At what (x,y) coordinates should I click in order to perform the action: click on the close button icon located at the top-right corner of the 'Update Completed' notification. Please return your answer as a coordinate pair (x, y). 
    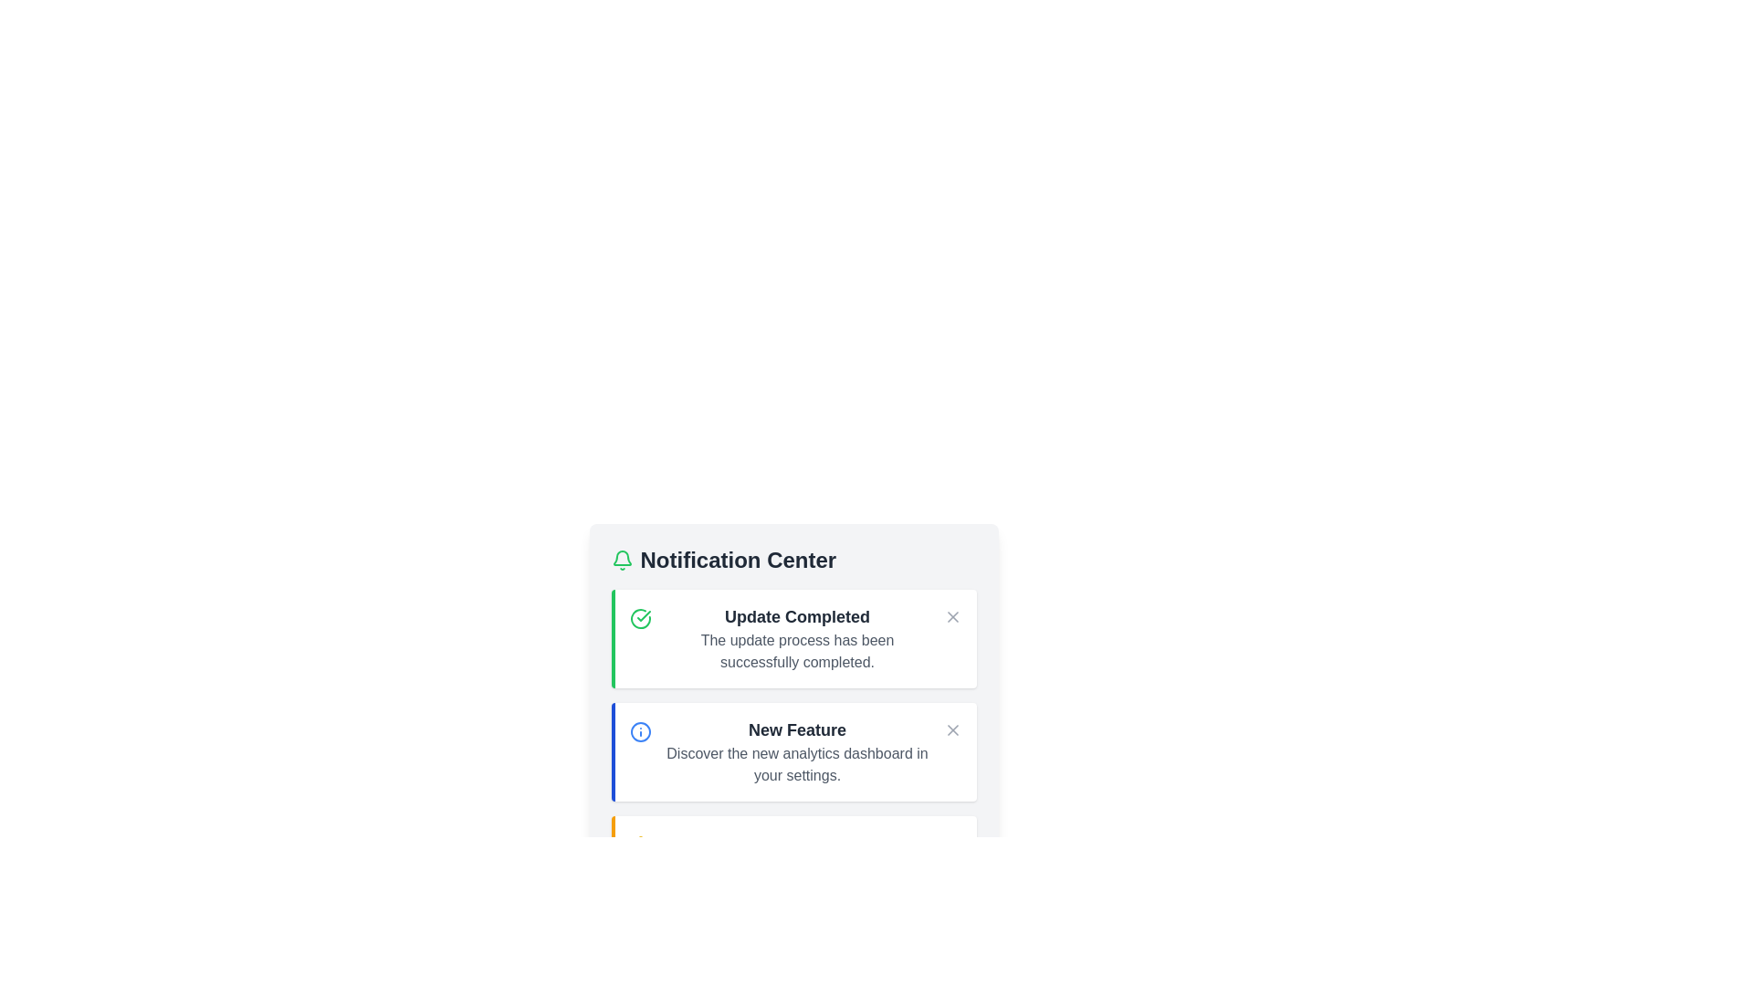
    Looking at the image, I should click on (951, 616).